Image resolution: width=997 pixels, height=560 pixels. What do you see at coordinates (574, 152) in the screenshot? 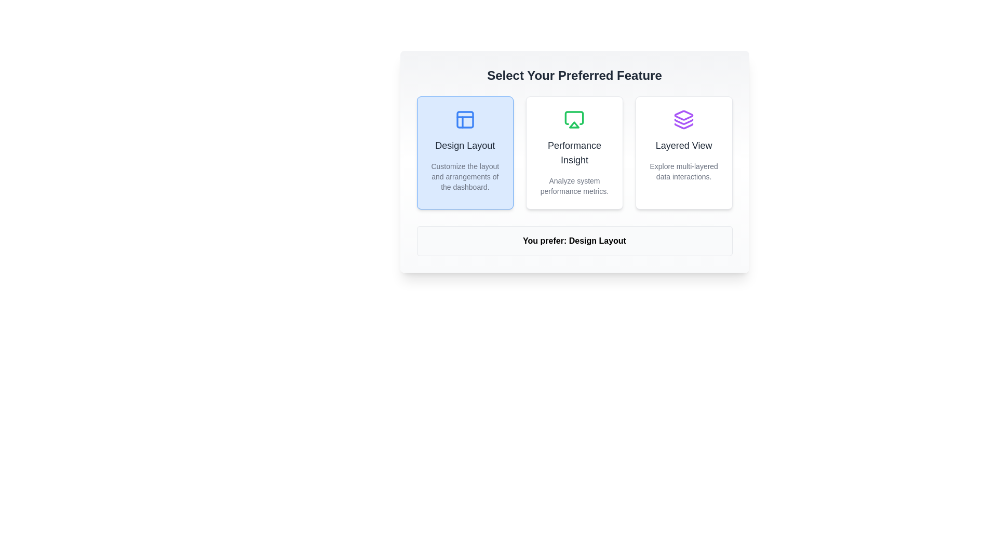
I see `the title label of the middle card, which serves as a concise label indicating its purpose and is centered at the top of the central card in a three-card layout` at bounding box center [574, 152].